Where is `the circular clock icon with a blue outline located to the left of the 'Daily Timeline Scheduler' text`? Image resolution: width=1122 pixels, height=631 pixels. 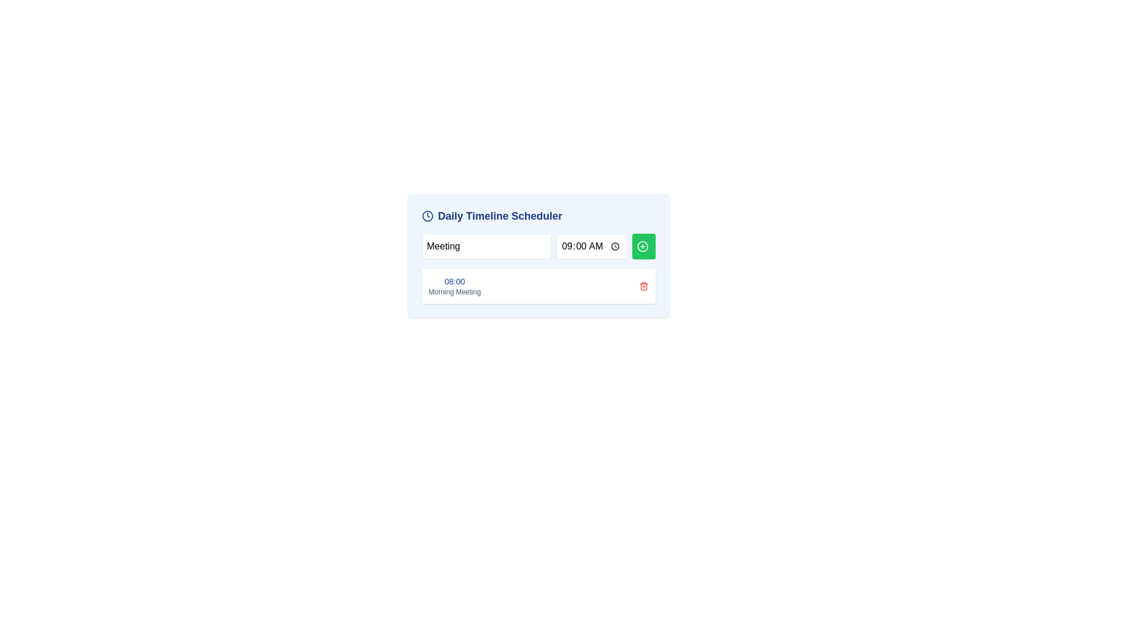 the circular clock icon with a blue outline located to the left of the 'Daily Timeline Scheduler' text is located at coordinates (427, 216).